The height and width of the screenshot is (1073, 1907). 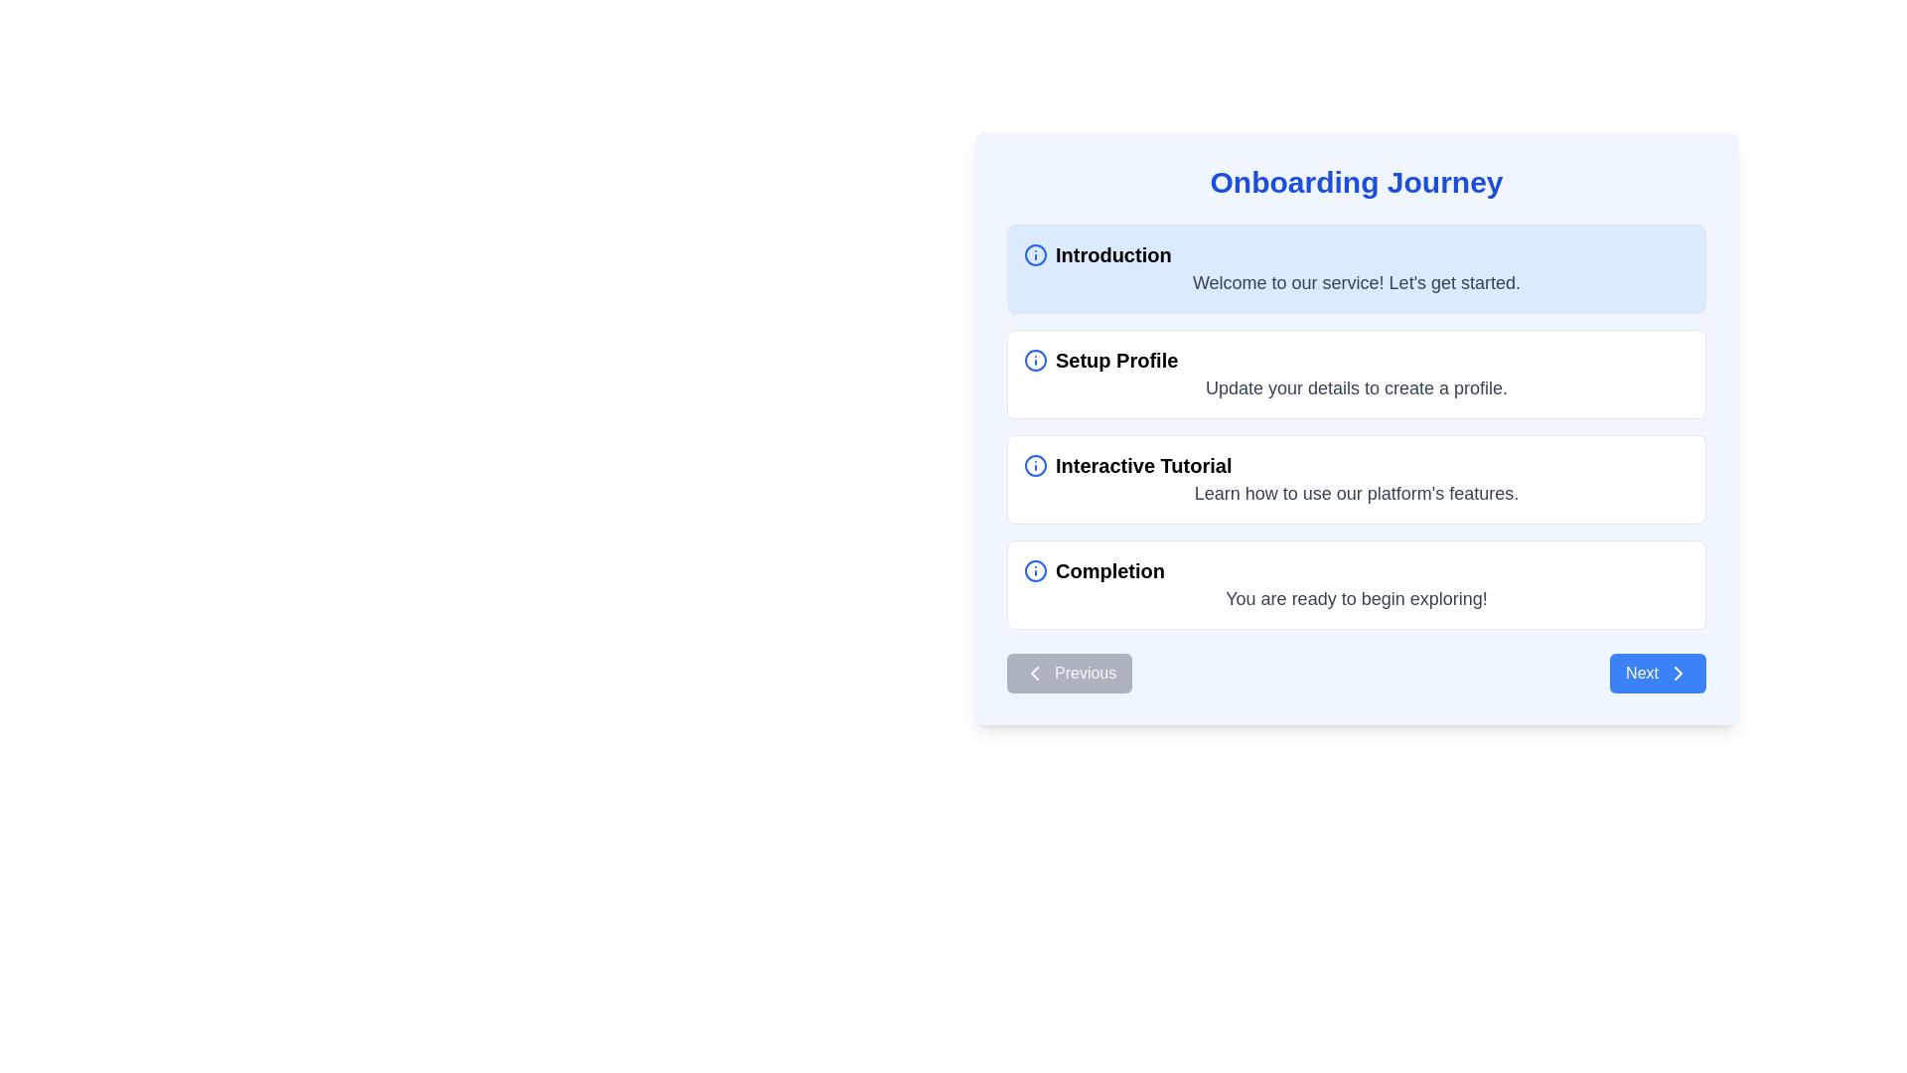 What do you see at coordinates (1033, 673) in the screenshot?
I see `the left-pointing chevron icon within the 'Previous' navigation button, which is styled as a minimalistic SVG with a thin stroke and no fill` at bounding box center [1033, 673].